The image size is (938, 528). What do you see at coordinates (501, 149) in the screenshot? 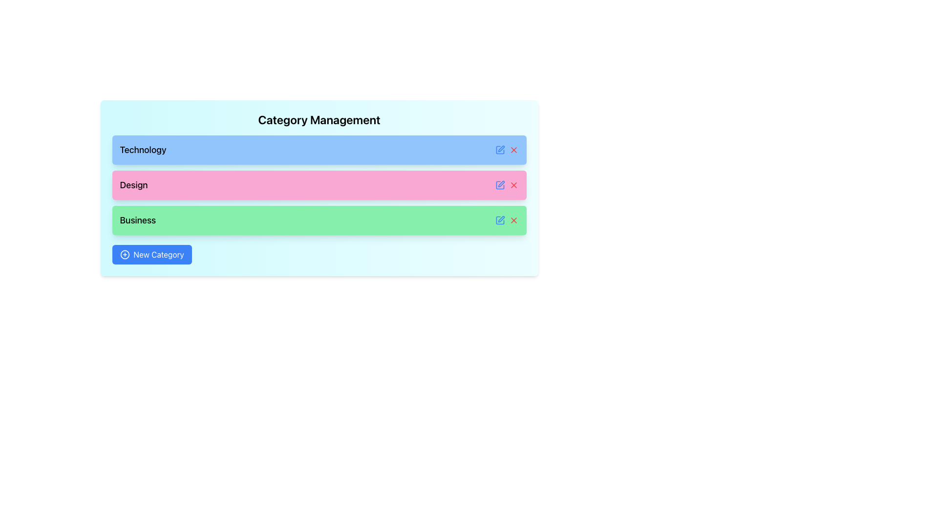
I see `the icon button resembling a pen located in the upper-right portion of the blue row labeled 'Technology.'` at bounding box center [501, 149].